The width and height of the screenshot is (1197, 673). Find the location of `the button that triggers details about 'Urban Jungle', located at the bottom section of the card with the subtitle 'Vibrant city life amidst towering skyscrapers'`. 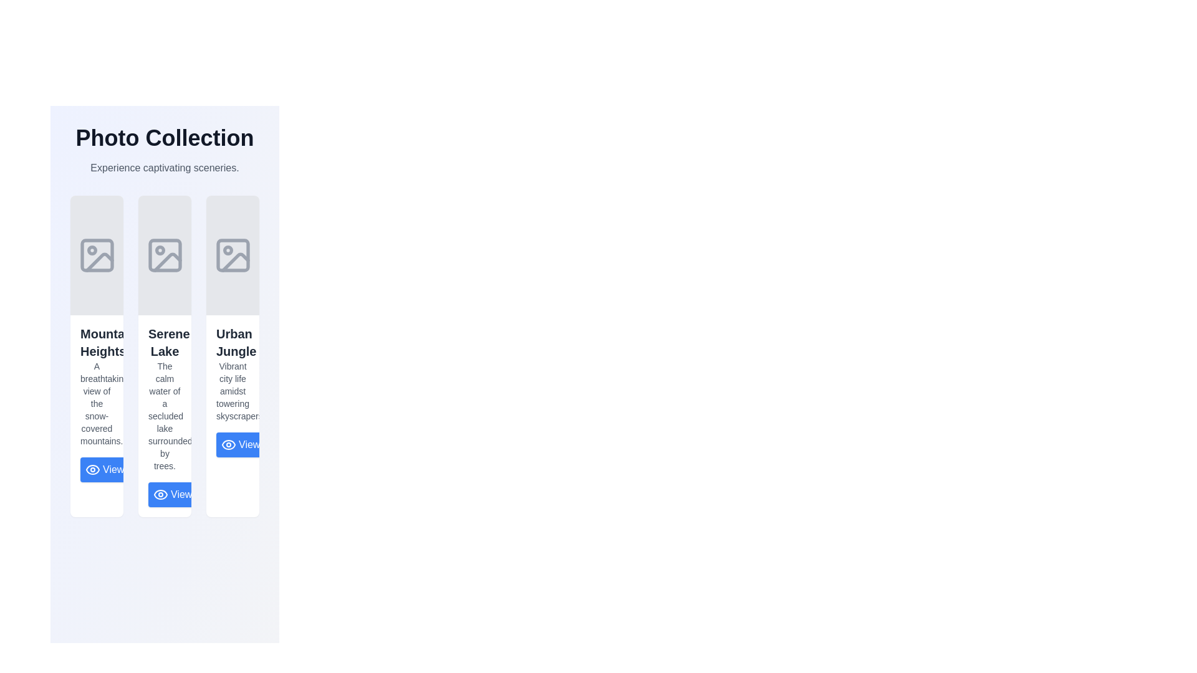

the button that triggers details about 'Urban Jungle', located at the bottom section of the card with the subtitle 'Vibrant city life amidst towering skyscrapers' is located at coordinates (233, 444).